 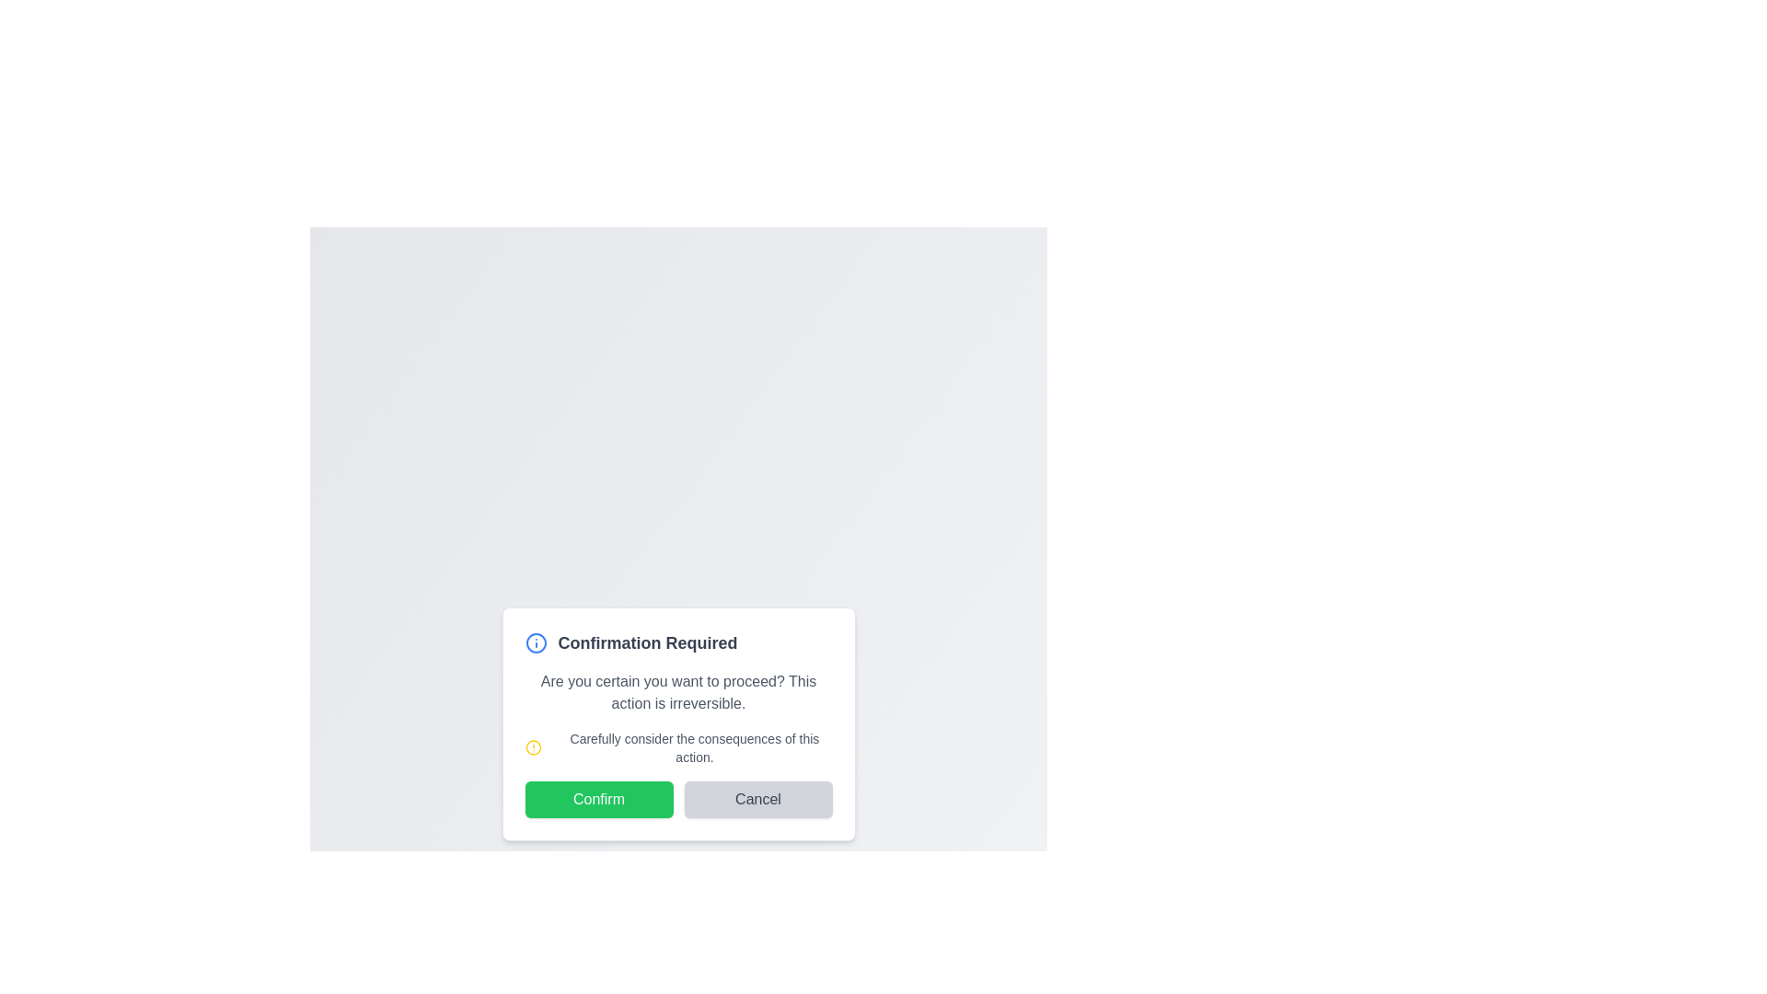 I want to click on the bolded text header 'Confirmation Required' located at the top of the dialog box, to the right of the blue information icon, so click(x=648, y=641).